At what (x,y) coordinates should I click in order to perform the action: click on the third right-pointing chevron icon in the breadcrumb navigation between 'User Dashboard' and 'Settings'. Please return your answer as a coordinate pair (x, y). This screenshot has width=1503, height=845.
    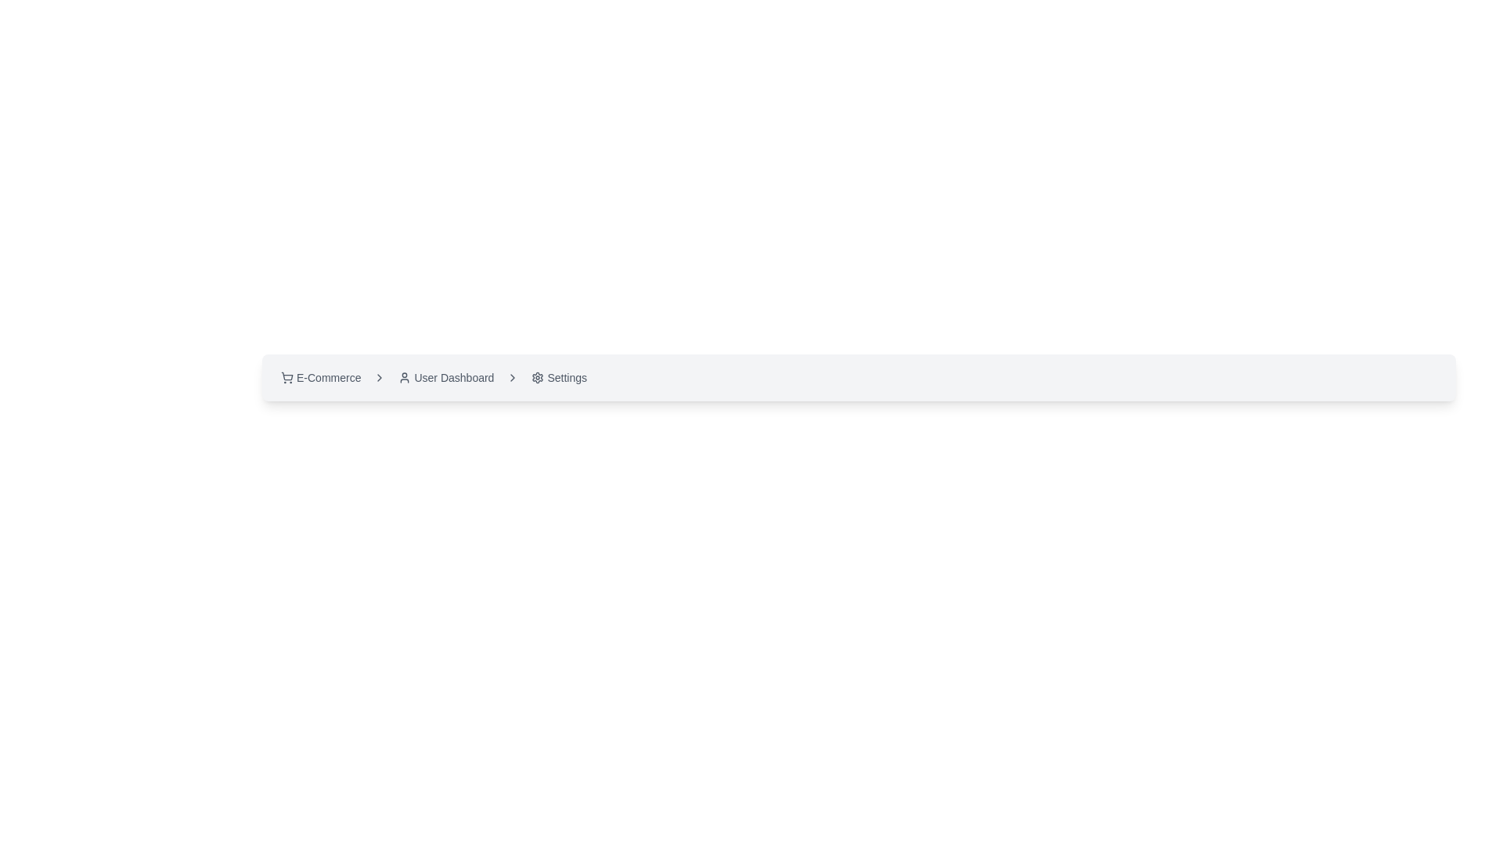
    Looking at the image, I should click on (513, 377).